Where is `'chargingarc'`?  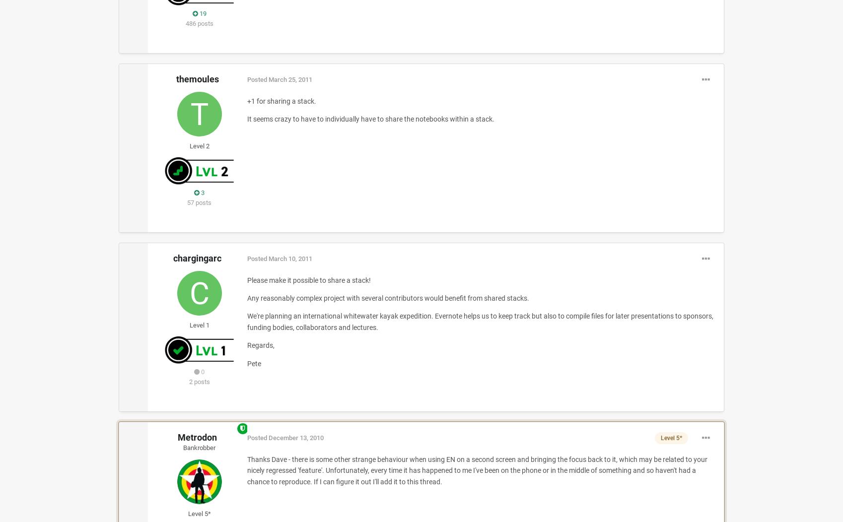 'chargingarc' is located at coordinates (197, 257).